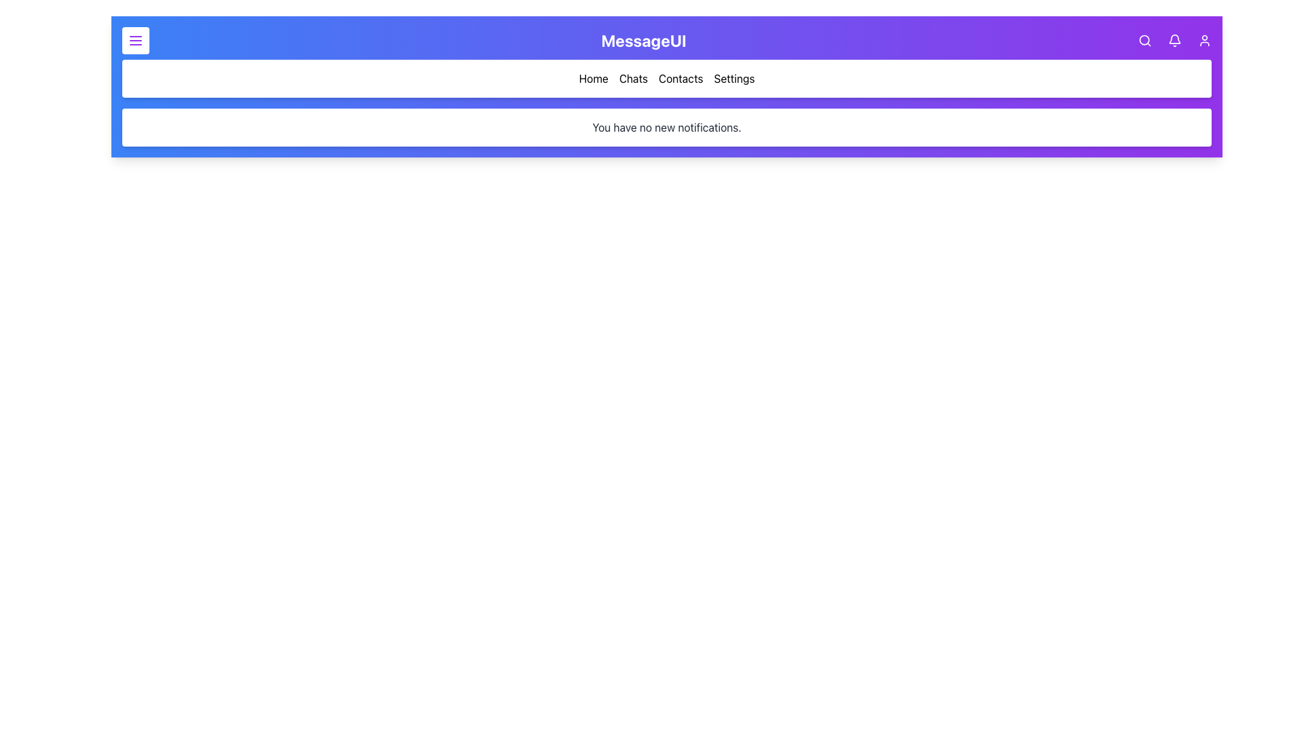  Describe the element at coordinates (136, 40) in the screenshot. I see `the menu button located at the top-left corner of the navigation bar` at that location.